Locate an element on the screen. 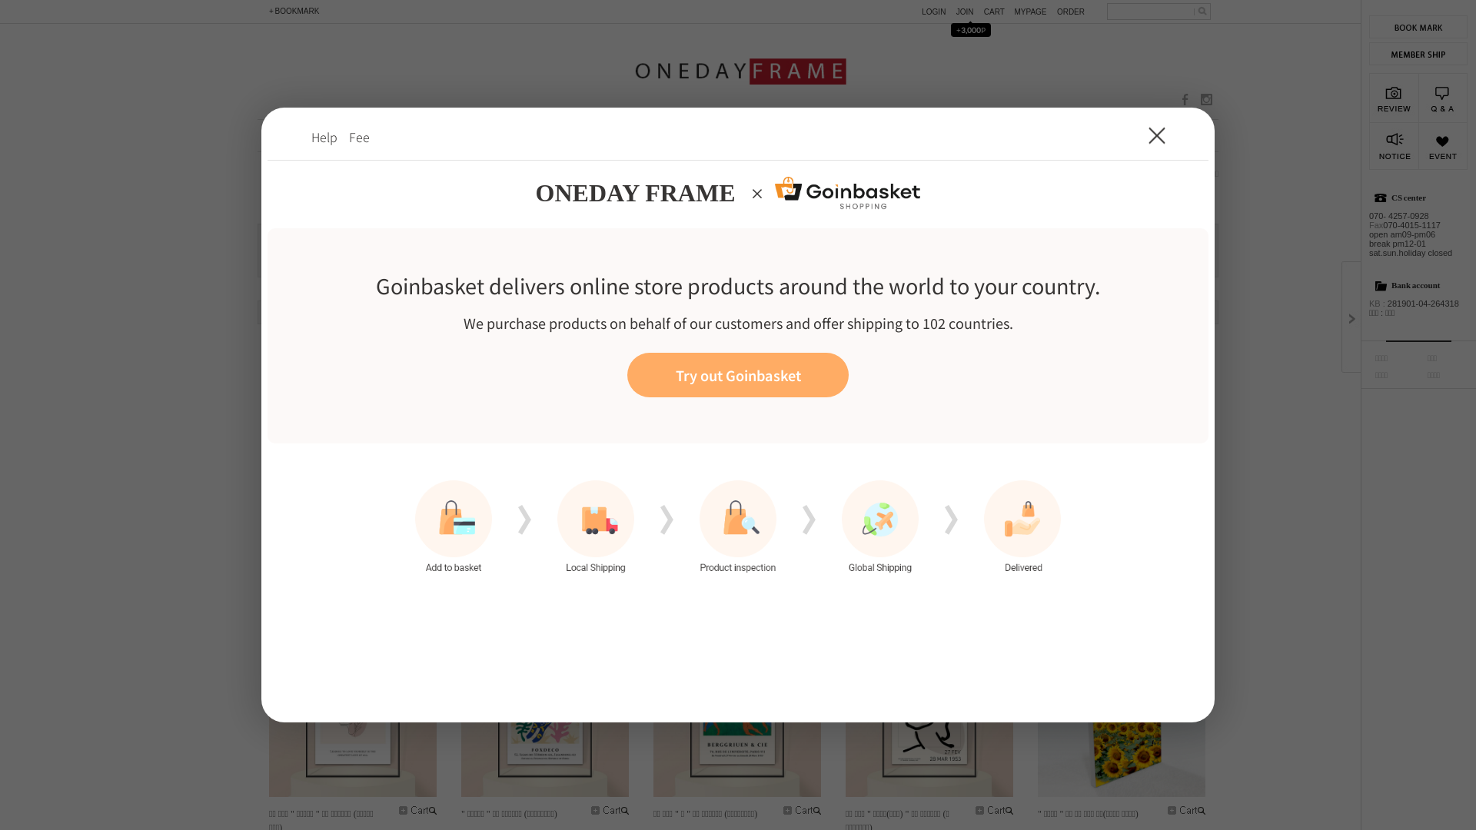  '+ BOOKMARK' is located at coordinates (291, 12).